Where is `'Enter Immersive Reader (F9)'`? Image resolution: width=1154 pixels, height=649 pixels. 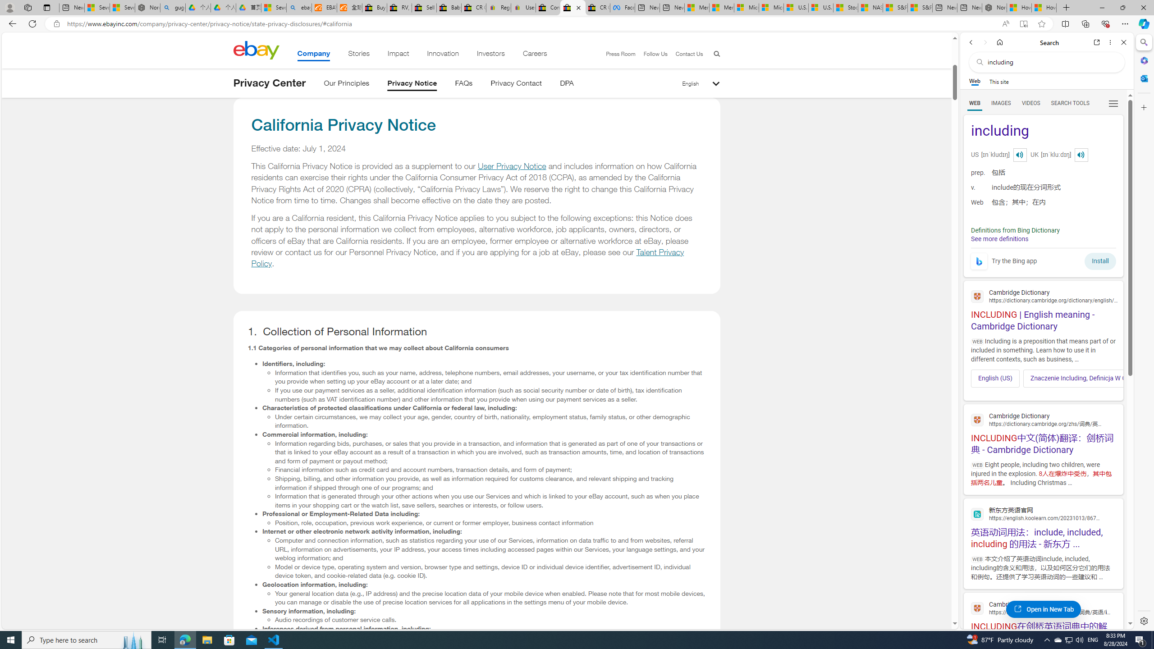 'Enter Immersive Reader (F9)' is located at coordinates (1023, 24).